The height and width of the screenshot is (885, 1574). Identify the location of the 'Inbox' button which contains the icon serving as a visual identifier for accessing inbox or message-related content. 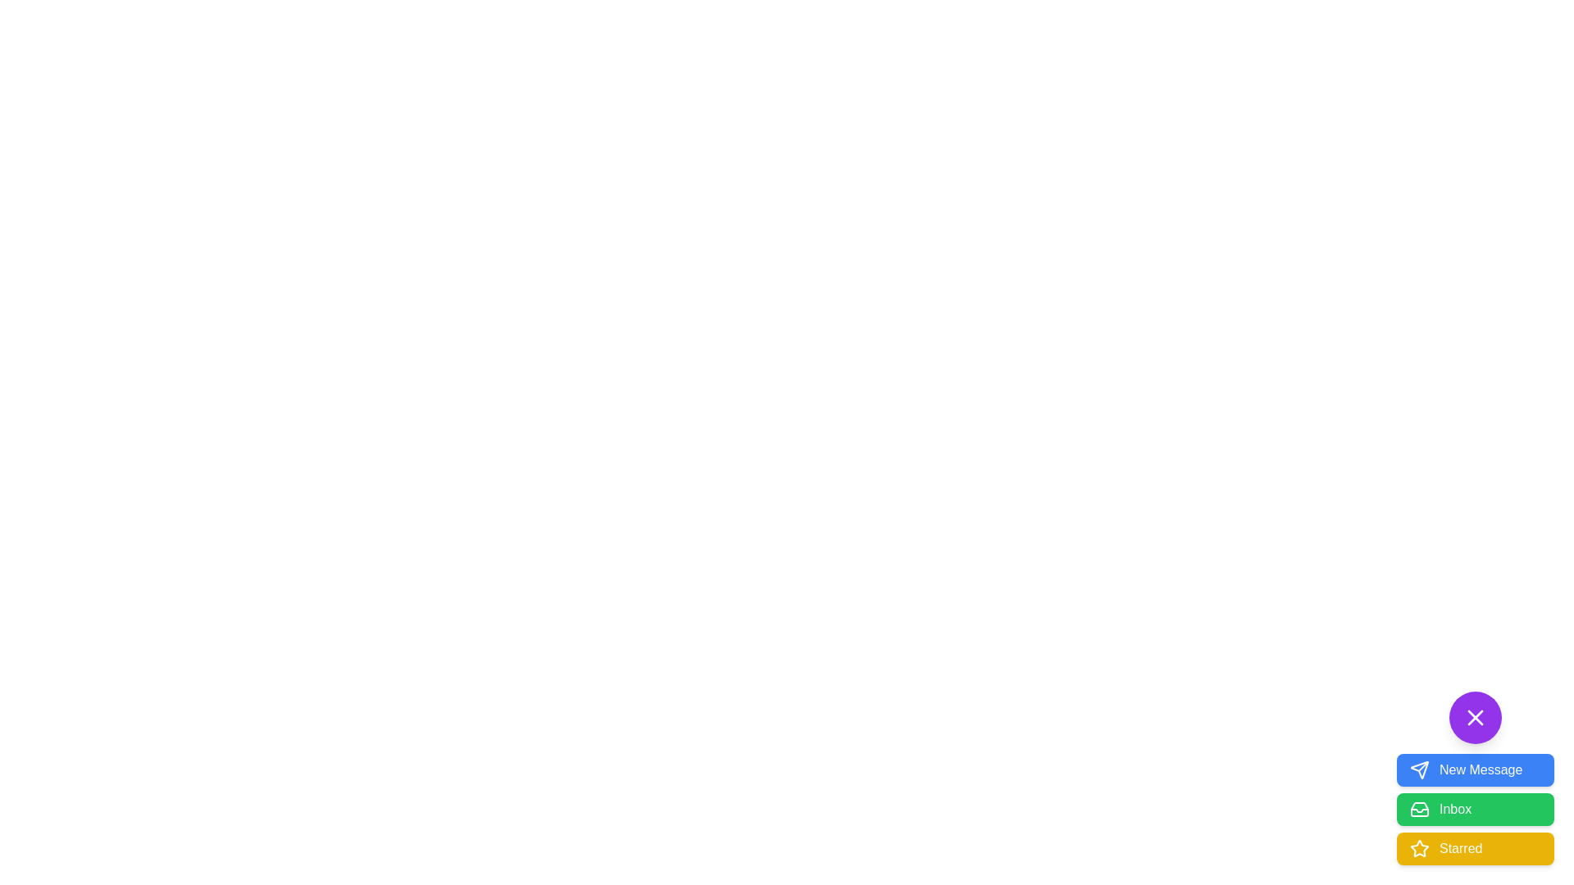
(1419, 808).